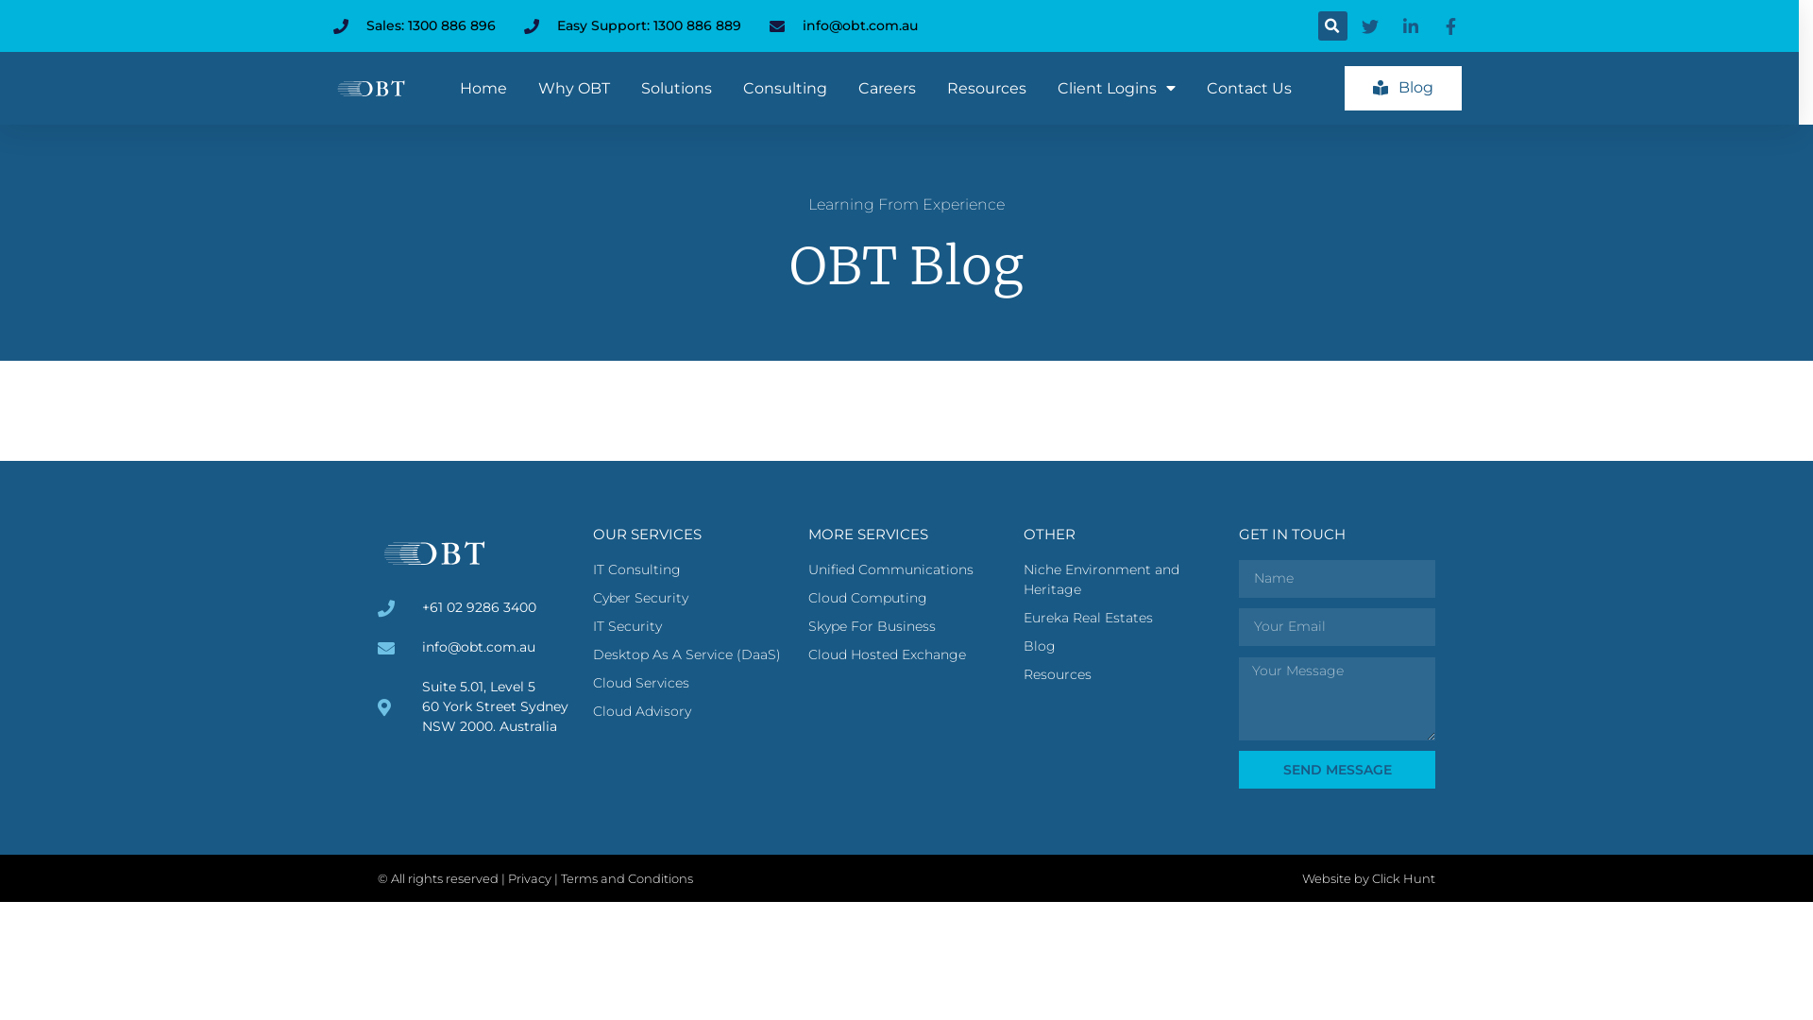 This screenshot has height=1020, width=1813. Describe the element at coordinates (906, 569) in the screenshot. I see `'Unified Communications'` at that location.